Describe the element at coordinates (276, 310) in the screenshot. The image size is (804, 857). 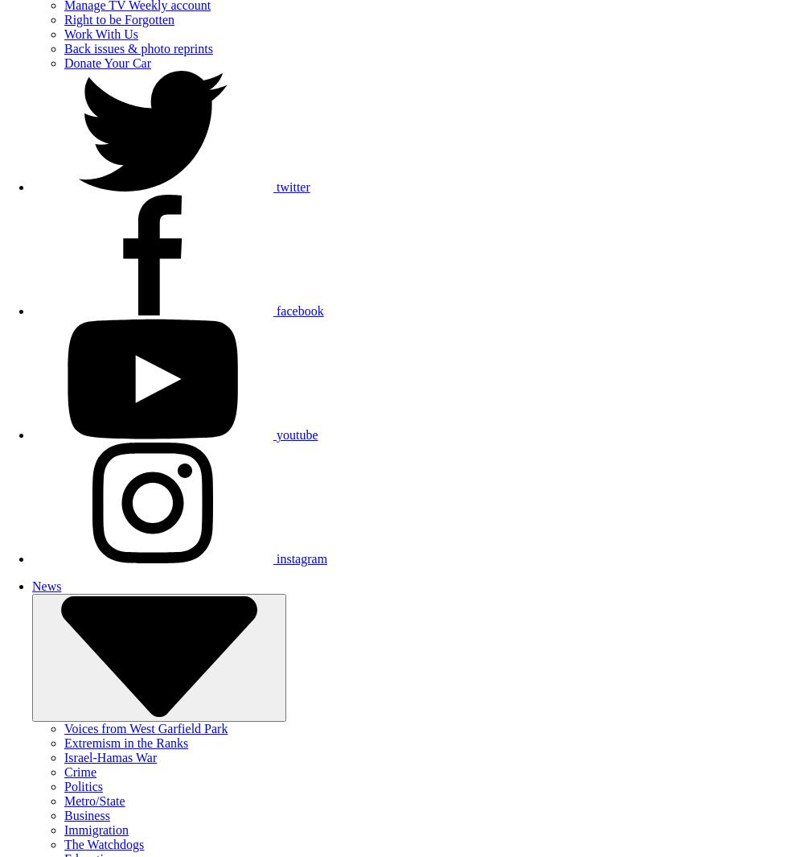
I see `'facebook'` at that location.